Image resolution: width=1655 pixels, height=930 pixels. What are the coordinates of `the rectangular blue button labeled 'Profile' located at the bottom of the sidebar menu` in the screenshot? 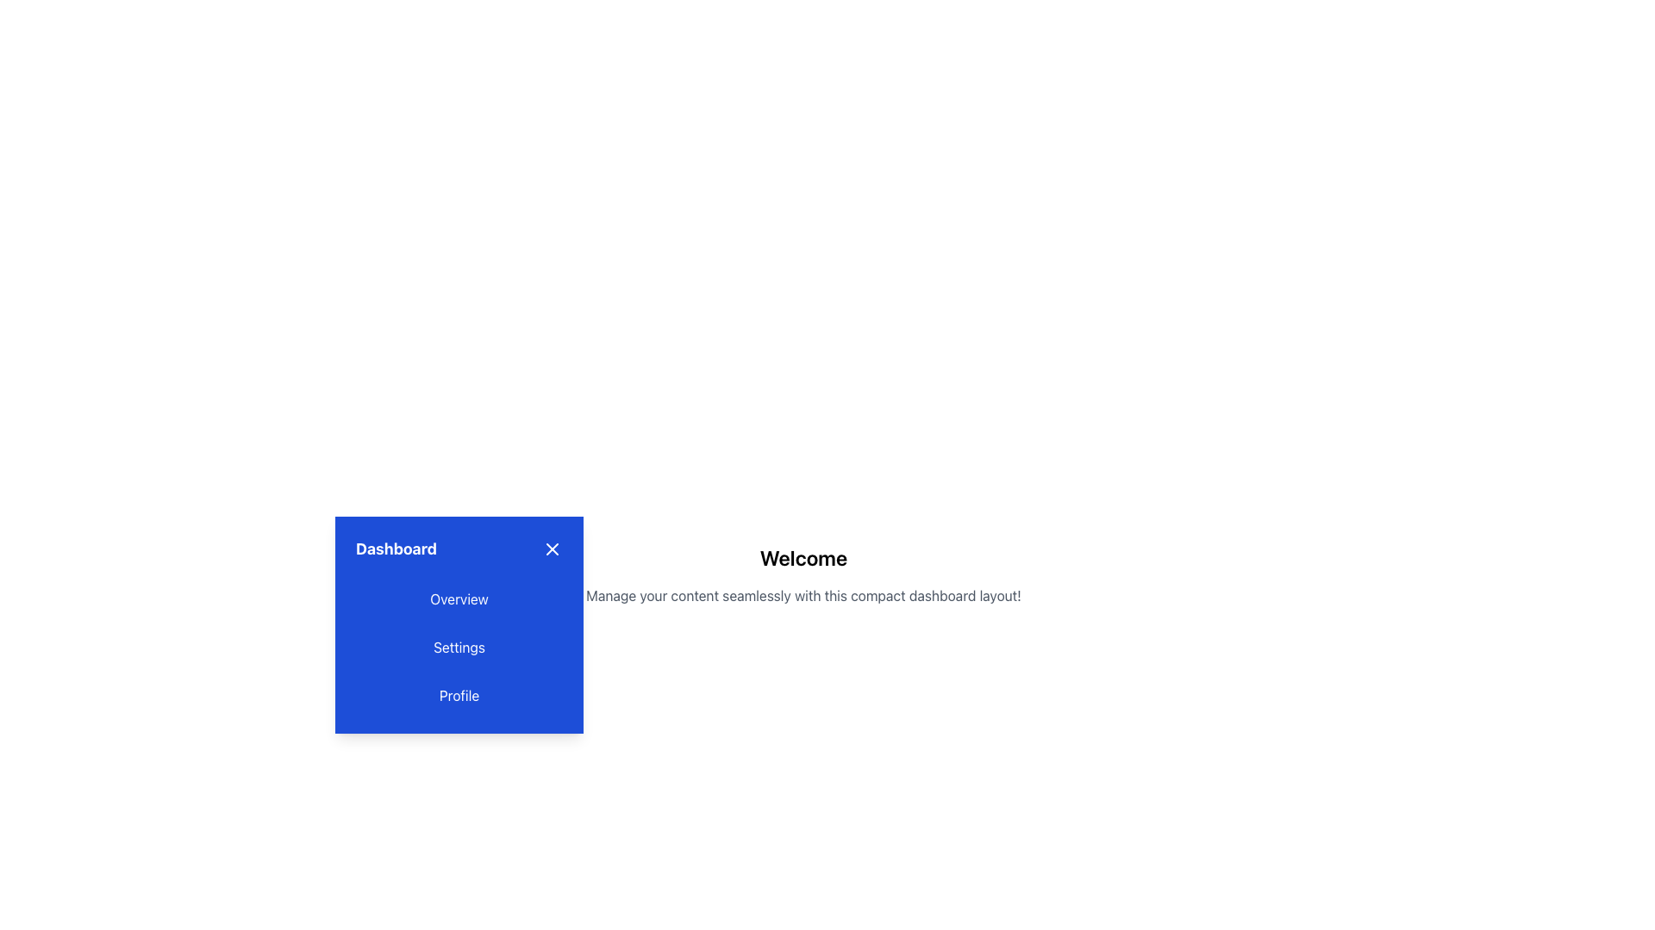 It's located at (459, 694).